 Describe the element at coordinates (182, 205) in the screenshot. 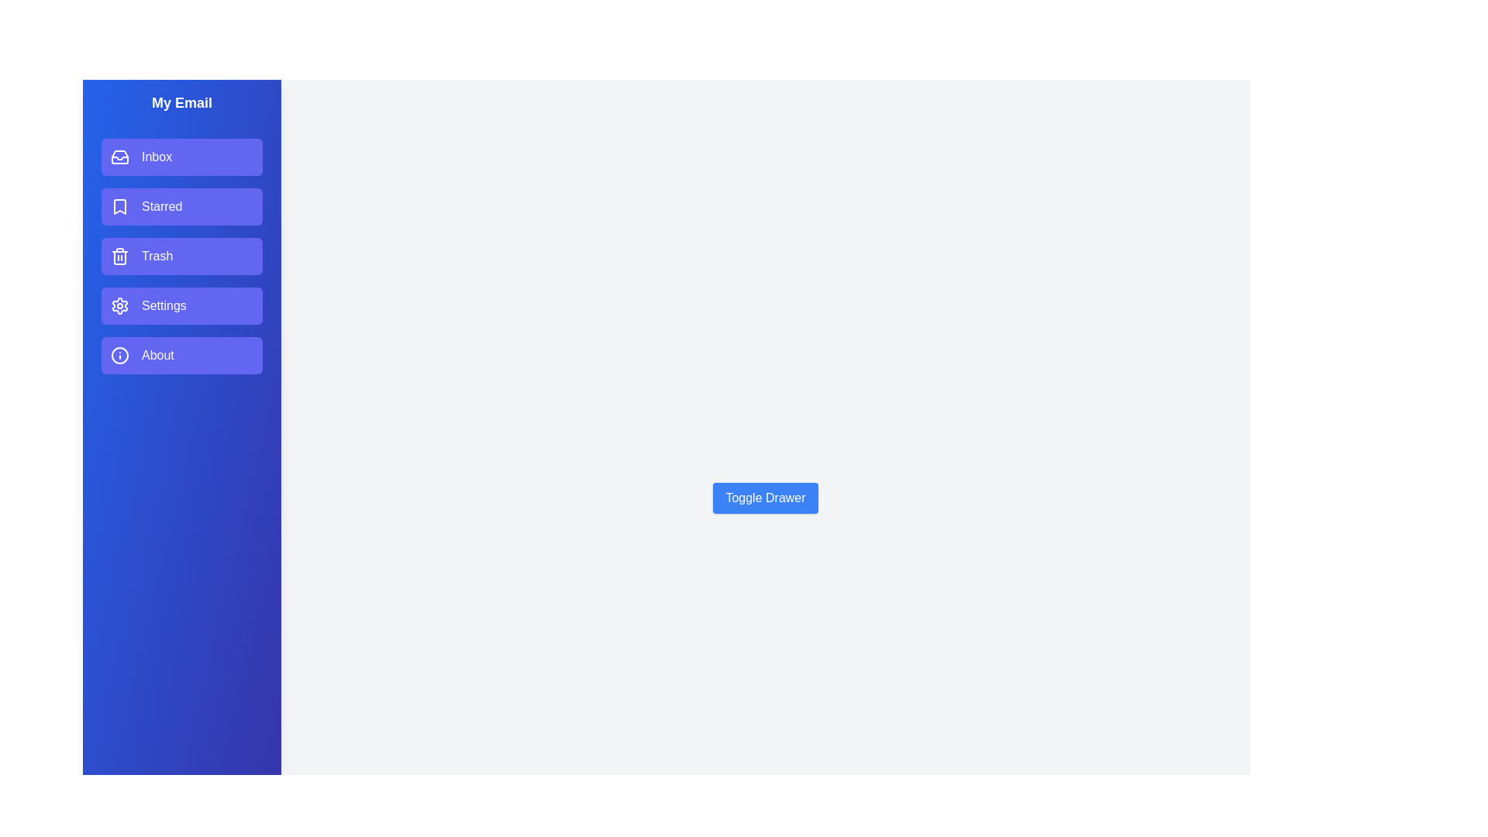

I see `the email section item Starred` at that location.